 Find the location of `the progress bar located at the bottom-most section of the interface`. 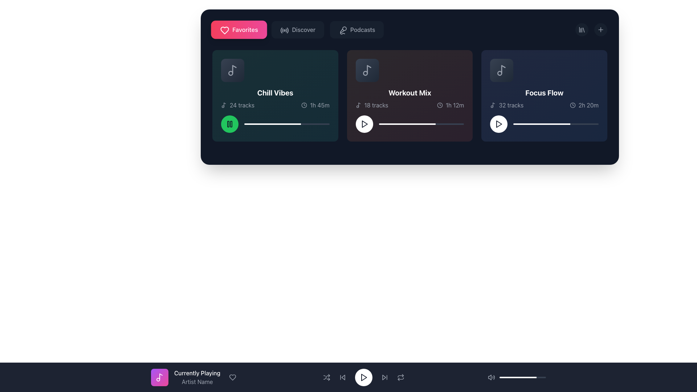

the progress bar located at the bottom-most section of the interface is located at coordinates (523, 377).